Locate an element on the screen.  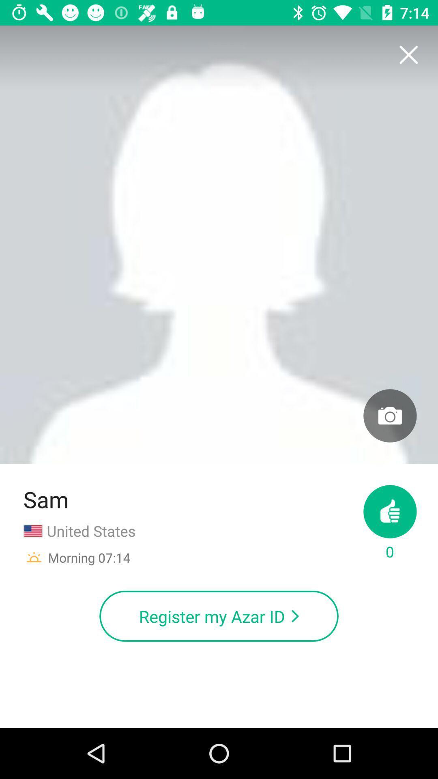
icon above the sam icon is located at coordinates (219, 244).